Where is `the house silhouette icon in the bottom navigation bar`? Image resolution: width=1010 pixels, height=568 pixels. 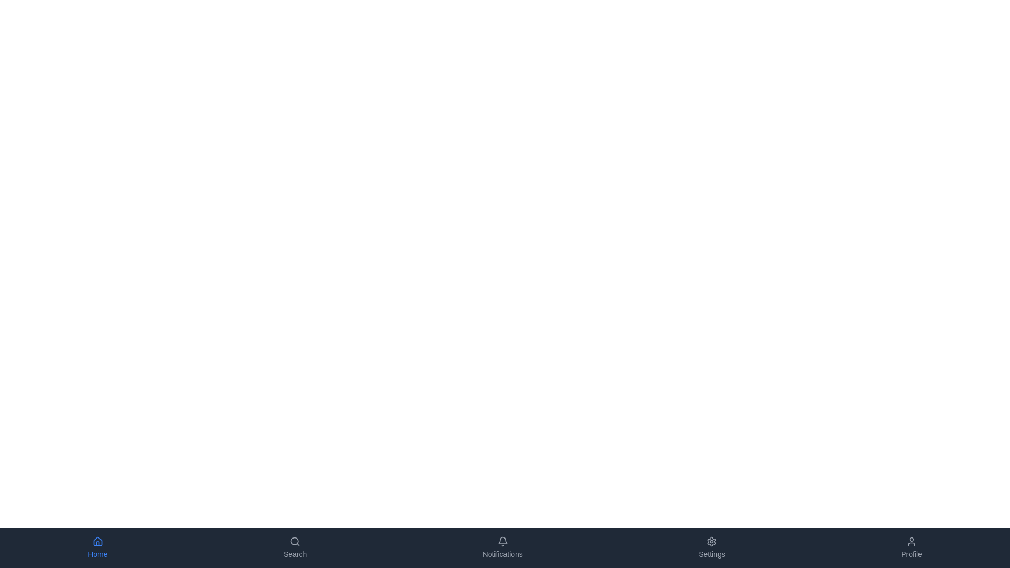
the house silhouette icon in the bottom navigation bar is located at coordinates (97, 541).